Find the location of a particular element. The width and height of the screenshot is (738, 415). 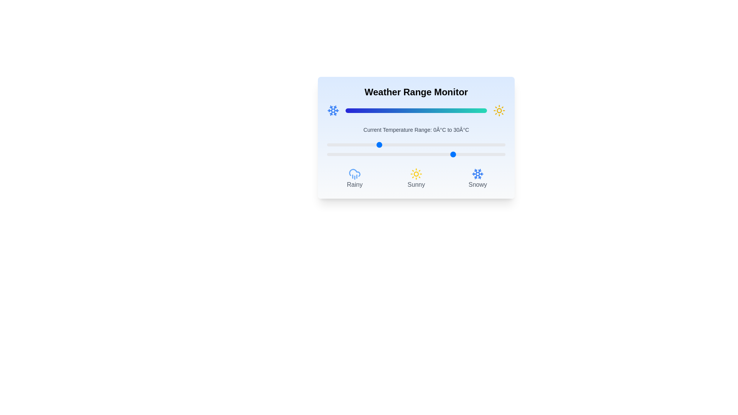

the inner circle of the sun icon is located at coordinates (416, 174).